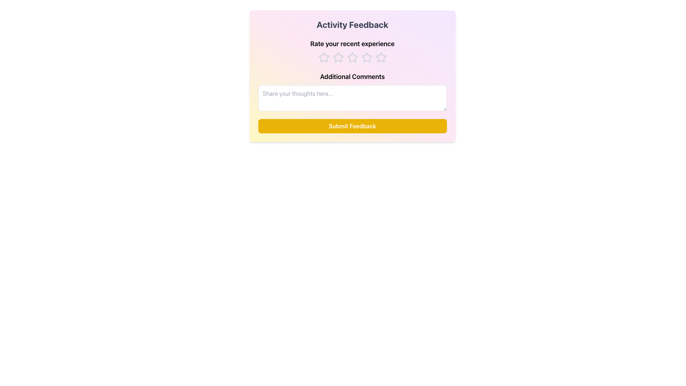  Describe the element at coordinates (352, 57) in the screenshot. I see `the fourth Rating Star Icon in the feedback modal` at that location.